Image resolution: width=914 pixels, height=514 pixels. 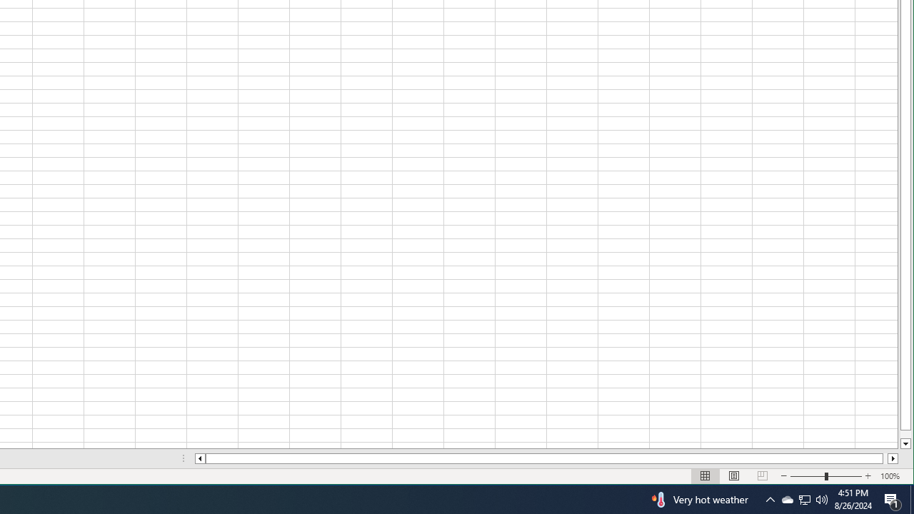 What do you see at coordinates (893, 498) in the screenshot?
I see `'Action Center, 1 new notification'` at bounding box center [893, 498].